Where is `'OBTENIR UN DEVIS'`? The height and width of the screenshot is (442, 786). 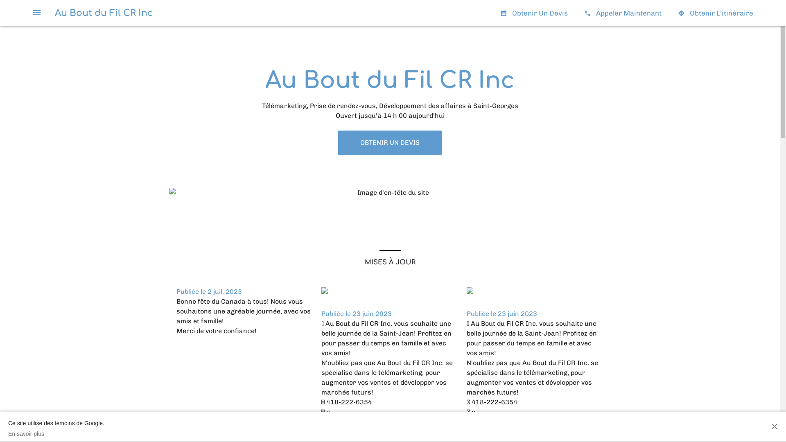 'OBTENIR UN DEVIS' is located at coordinates (389, 142).